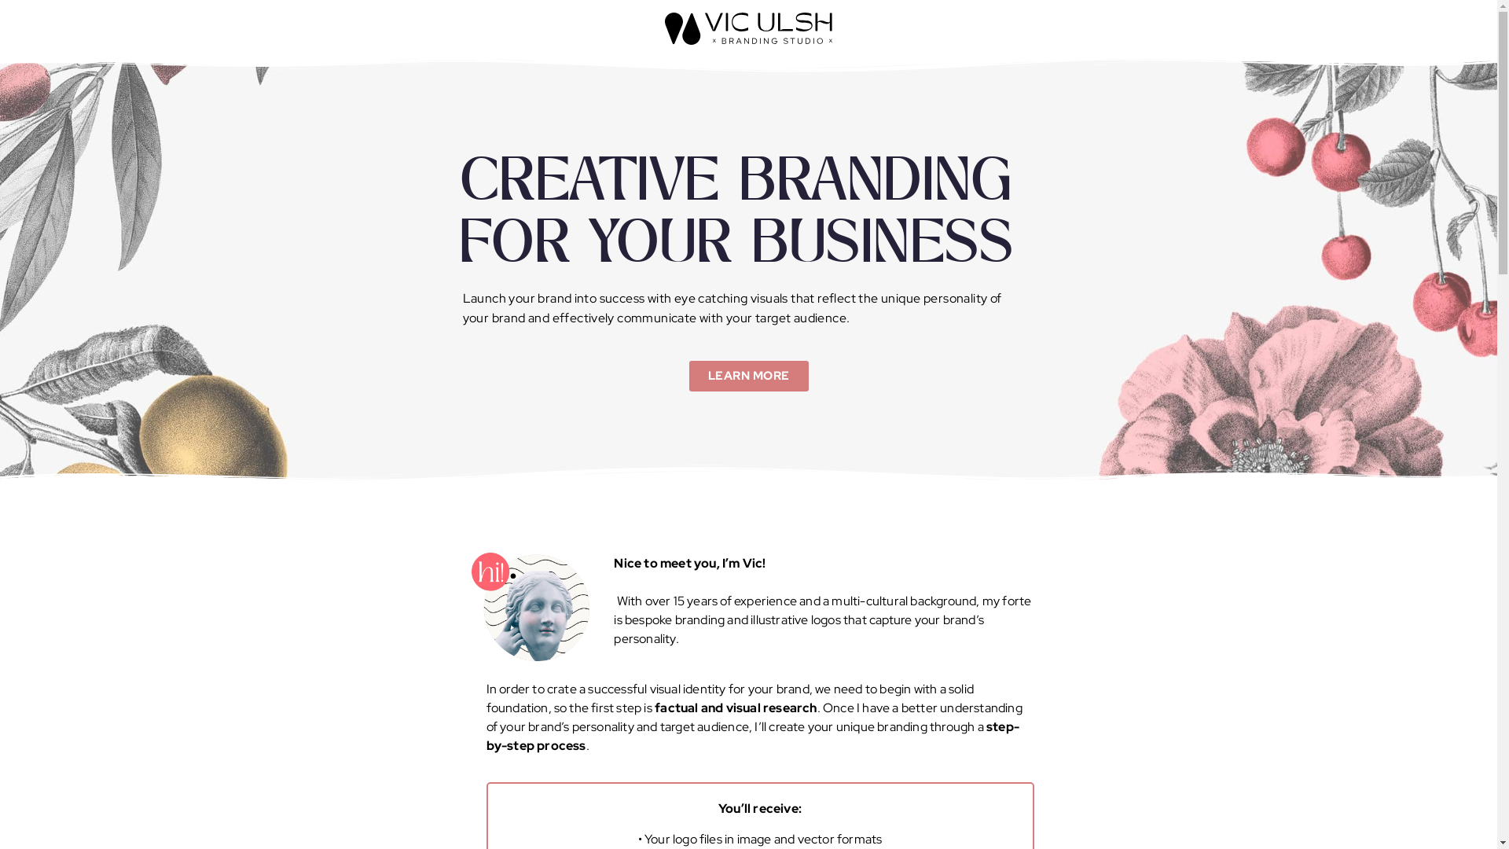  What do you see at coordinates (688, 376) in the screenshot?
I see `'LEARN MORE'` at bounding box center [688, 376].